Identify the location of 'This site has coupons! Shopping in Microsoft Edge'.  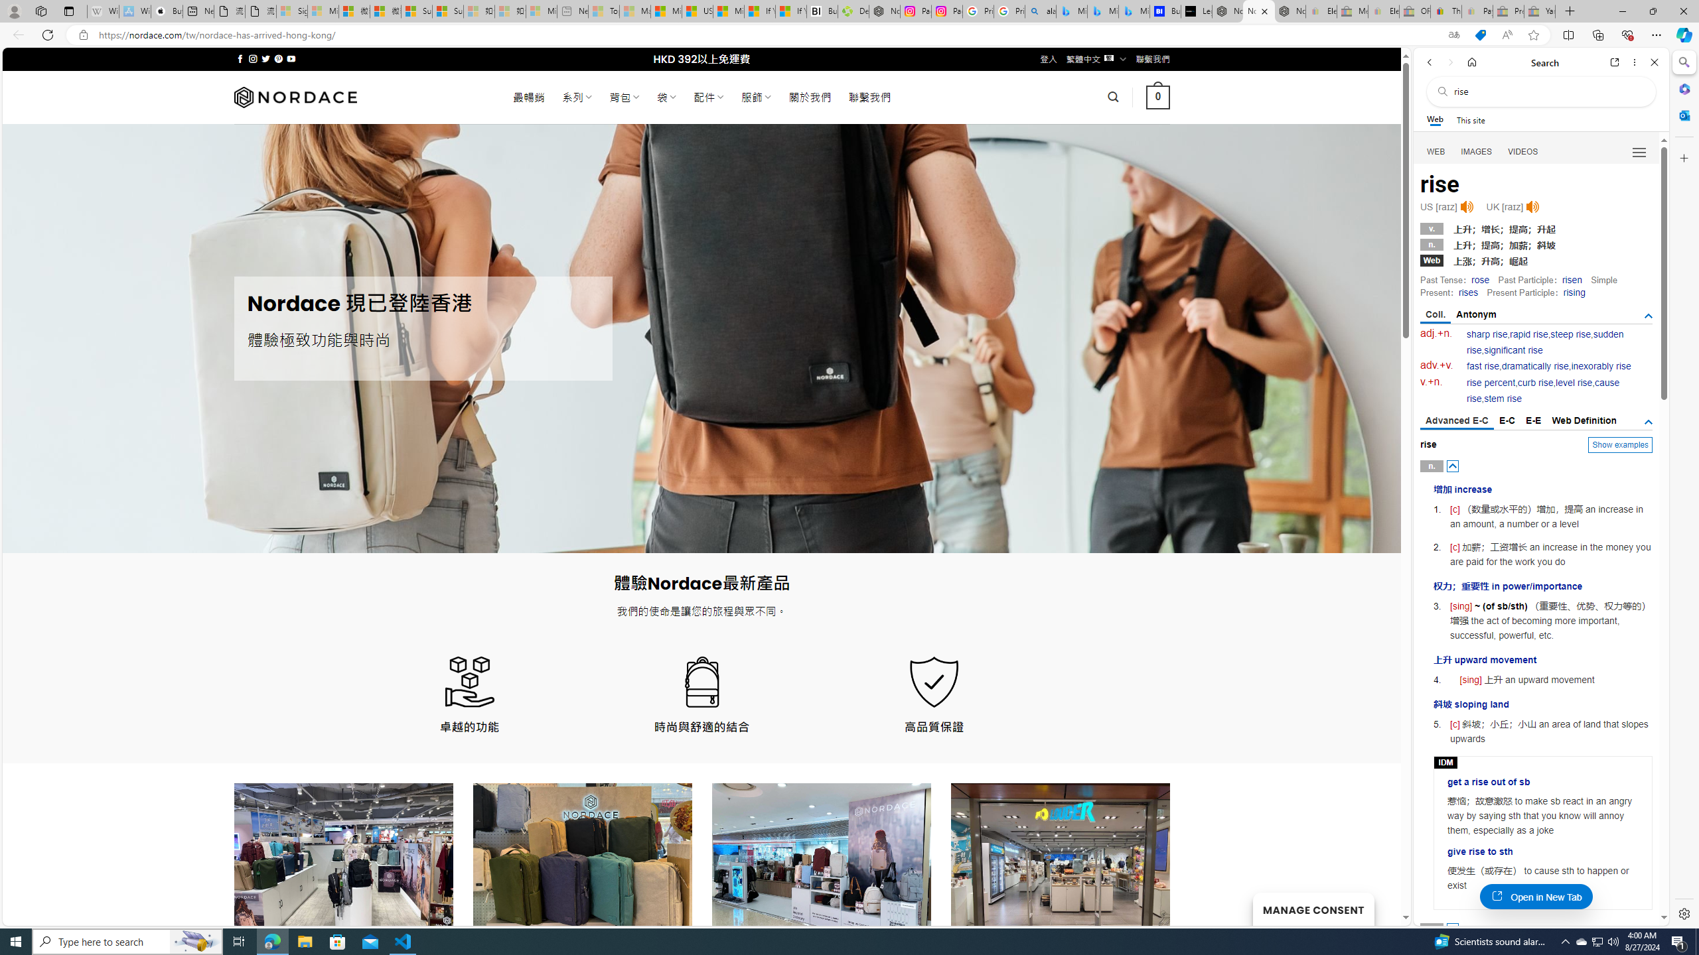
(1480, 35).